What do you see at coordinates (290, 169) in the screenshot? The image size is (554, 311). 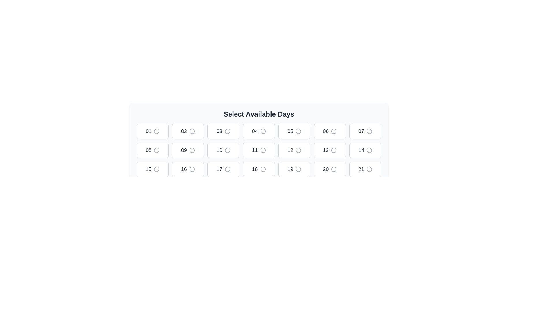 I see `the text label displaying the number '19' within the button component` at bounding box center [290, 169].